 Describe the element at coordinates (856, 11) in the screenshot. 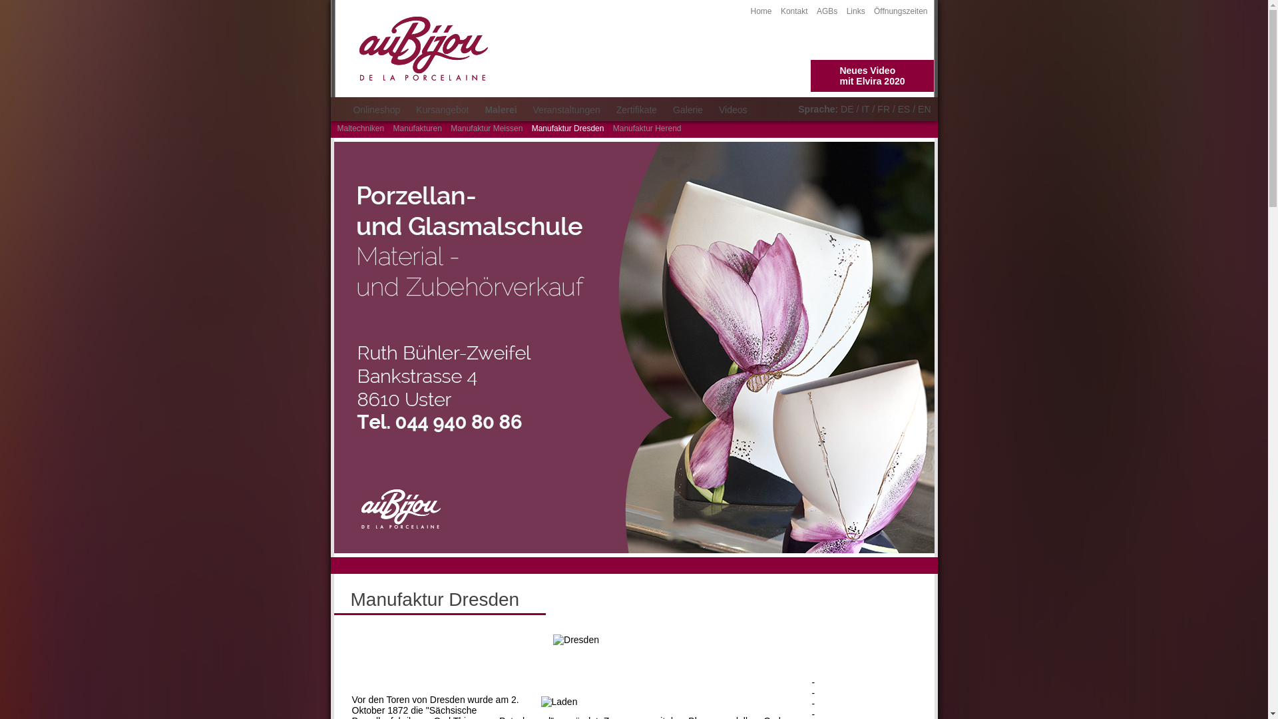

I see `'Links'` at that location.